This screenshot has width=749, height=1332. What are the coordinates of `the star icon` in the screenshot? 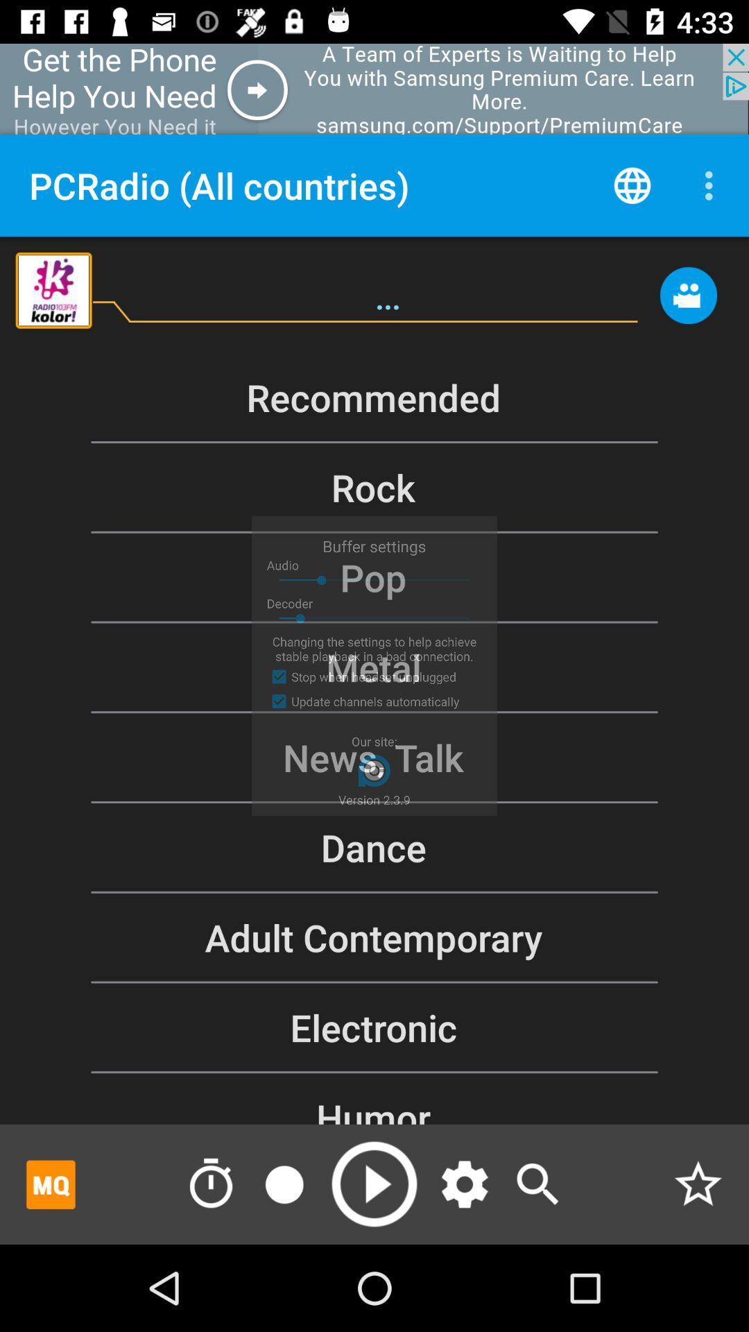 It's located at (698, 1184).